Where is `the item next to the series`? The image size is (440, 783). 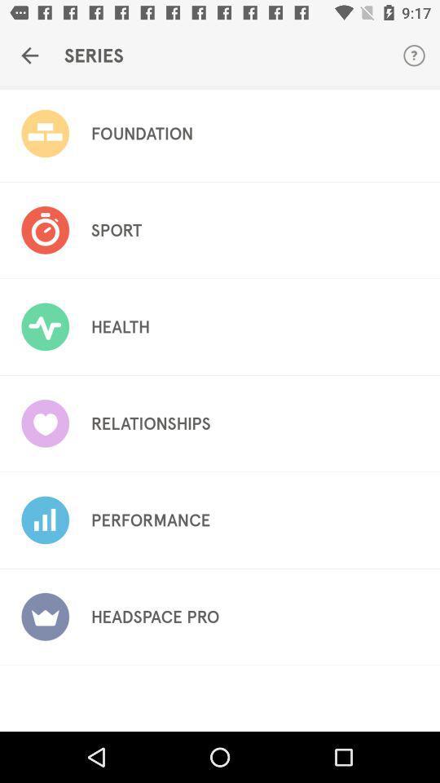
the item next to the series is located at coordinates (414, 55).